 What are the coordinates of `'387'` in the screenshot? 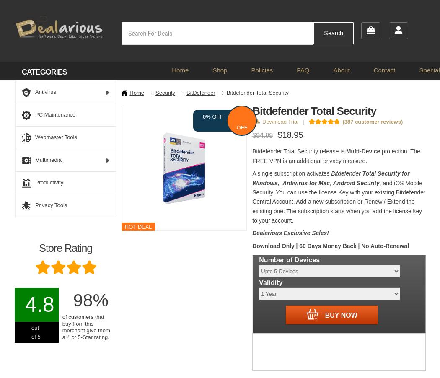 It's located at (349, 122).